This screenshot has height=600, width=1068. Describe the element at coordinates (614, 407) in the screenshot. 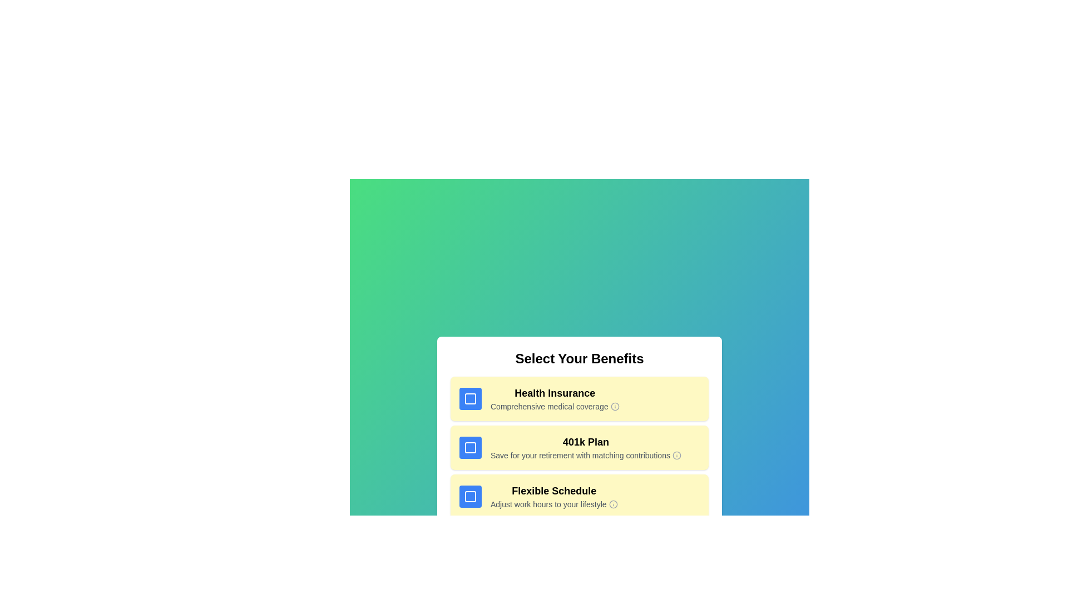

I see `the info icon next to the description of Health Insurance` at that location.